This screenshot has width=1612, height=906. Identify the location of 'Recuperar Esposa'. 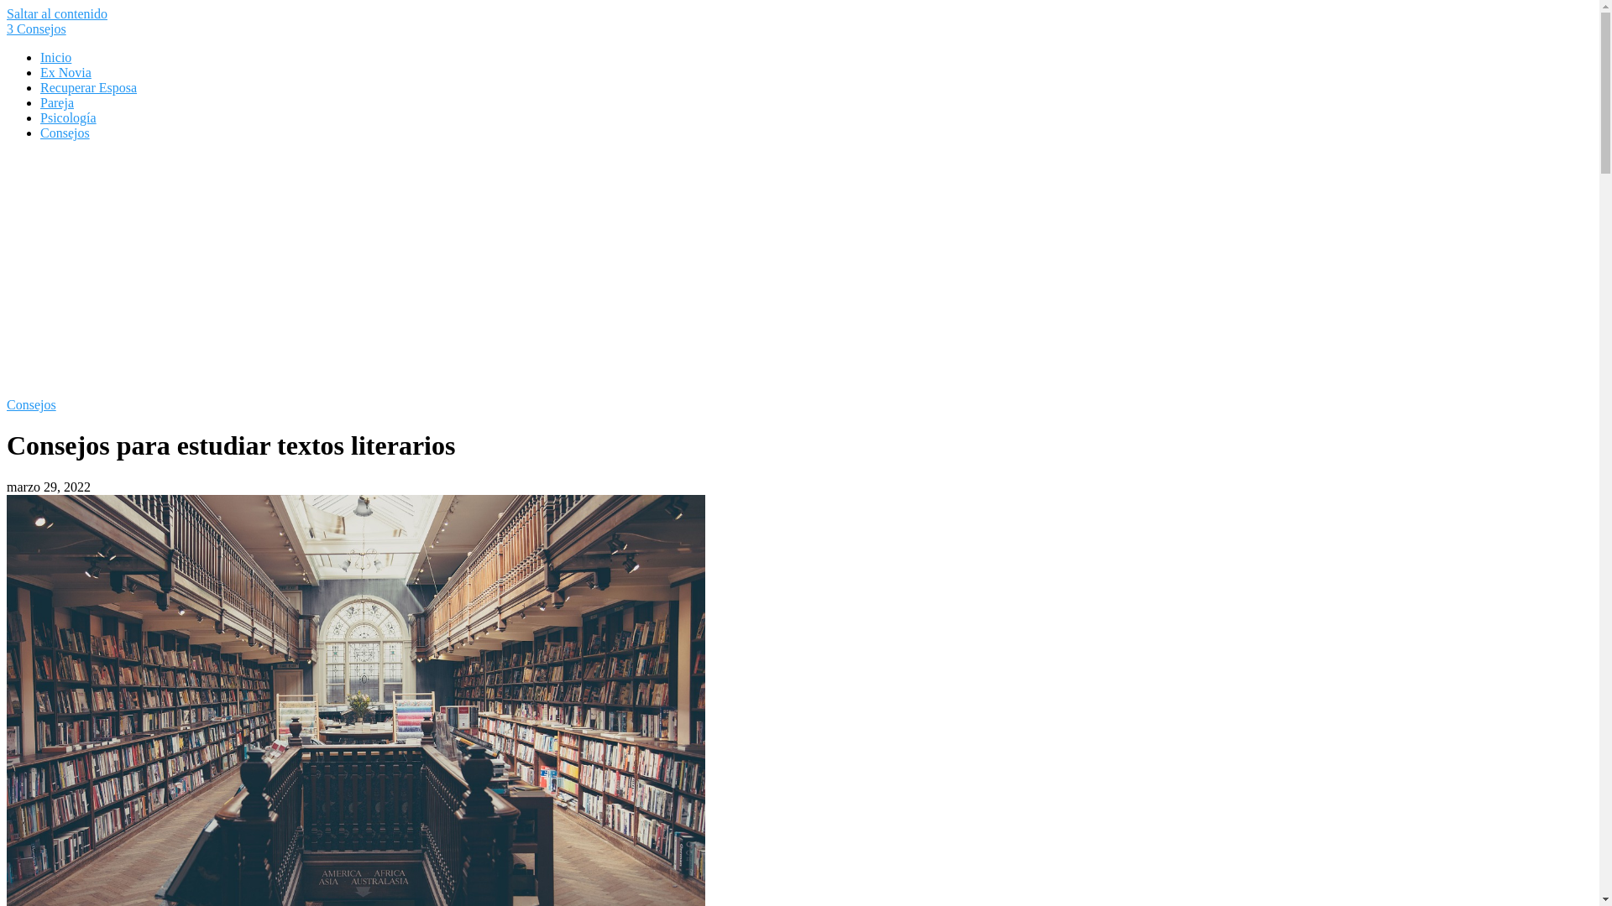
(87, 87).